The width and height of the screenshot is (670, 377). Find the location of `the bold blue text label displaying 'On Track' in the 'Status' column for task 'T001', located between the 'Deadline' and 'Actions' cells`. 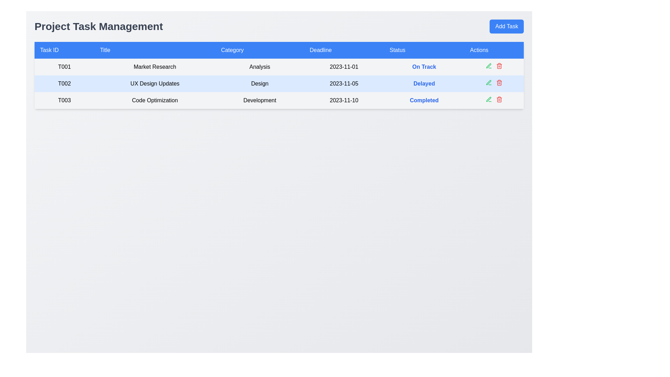

the bold blue text label displaying 'On Track' in the 'Status' column for task 'T001', located between the 'Deadline' and 'Actions' cells is located at coordinates (424, 67).